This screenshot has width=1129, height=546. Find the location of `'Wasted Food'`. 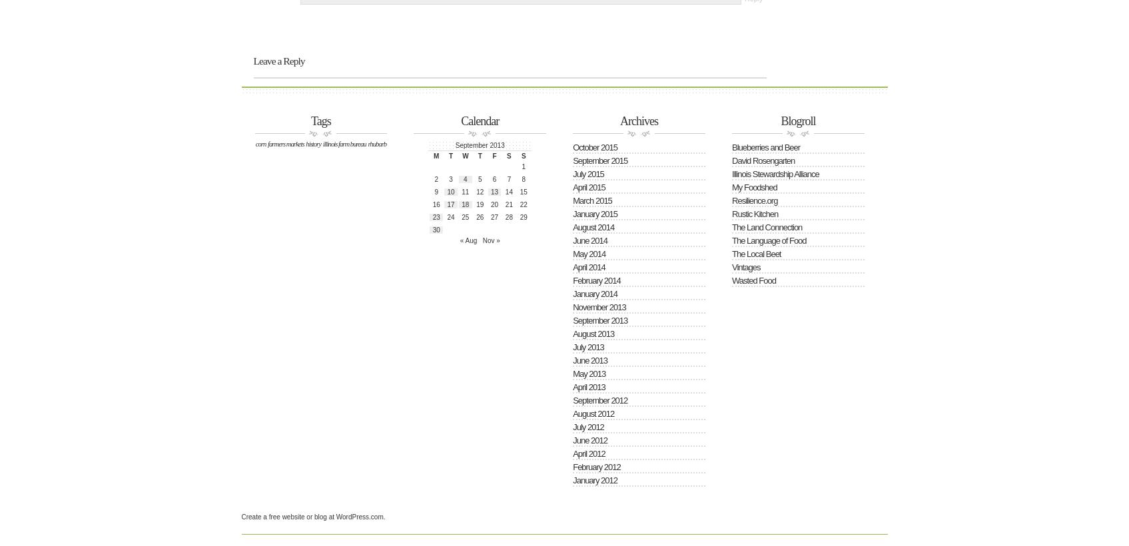

'Wasted Food' is located at coordinates (753, 279).